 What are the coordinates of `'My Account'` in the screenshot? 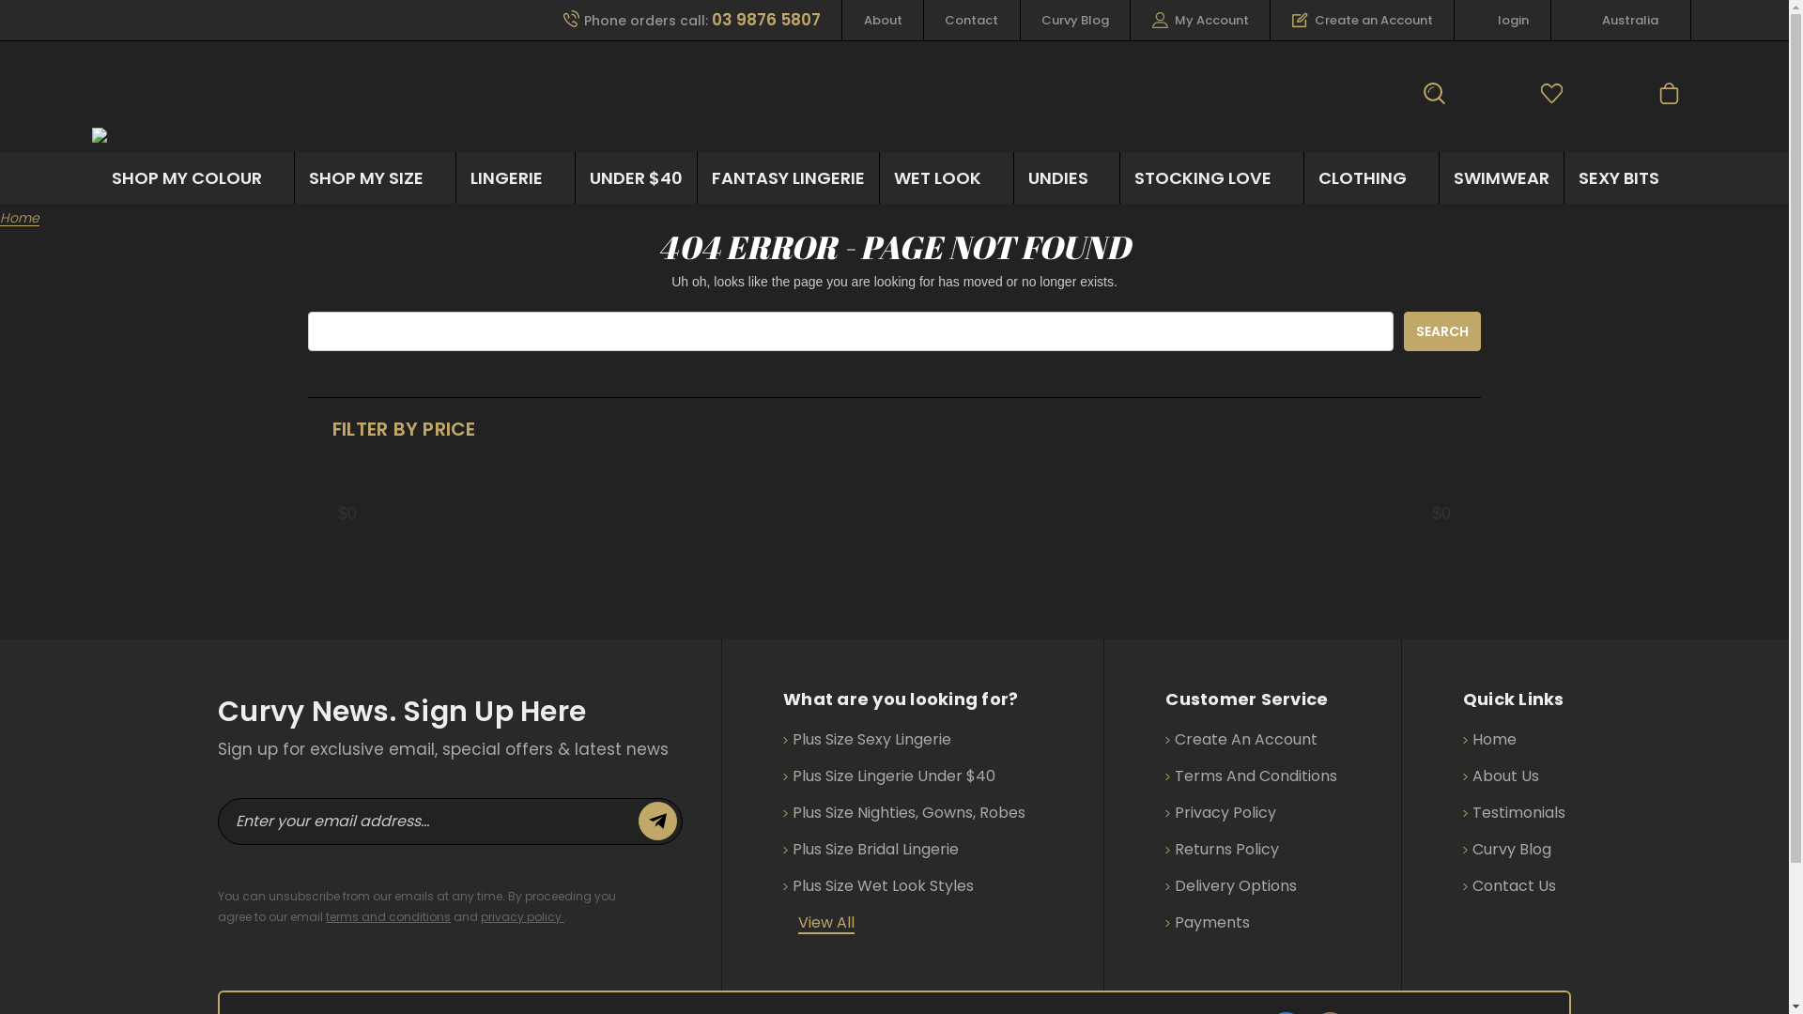 It's located at (1198, 20).